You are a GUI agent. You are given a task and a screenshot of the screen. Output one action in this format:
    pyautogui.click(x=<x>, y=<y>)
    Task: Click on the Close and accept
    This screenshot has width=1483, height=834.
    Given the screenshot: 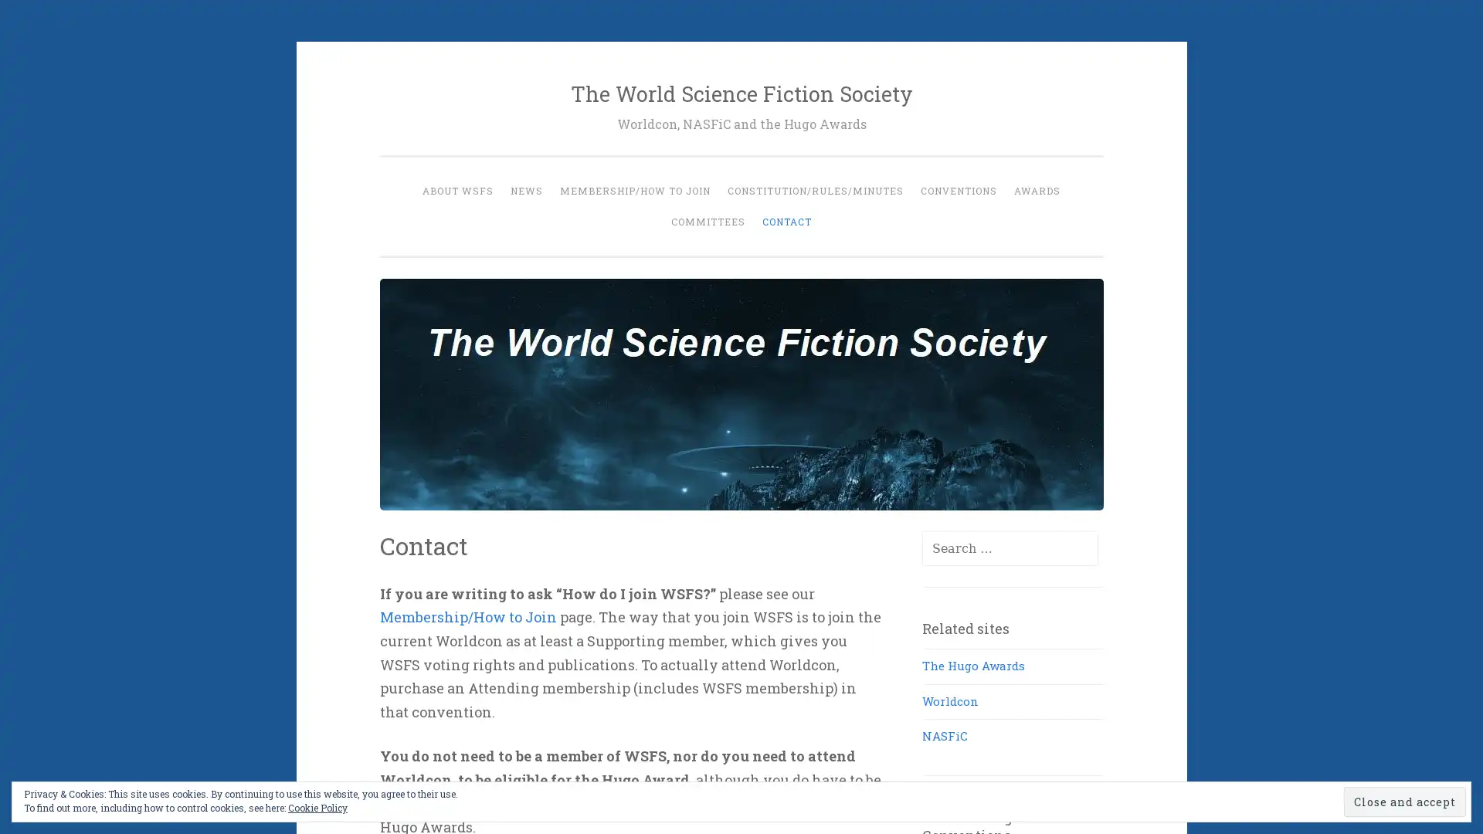 What is the action you would take?
    pyautogui.click(x=1405, y=801)
    